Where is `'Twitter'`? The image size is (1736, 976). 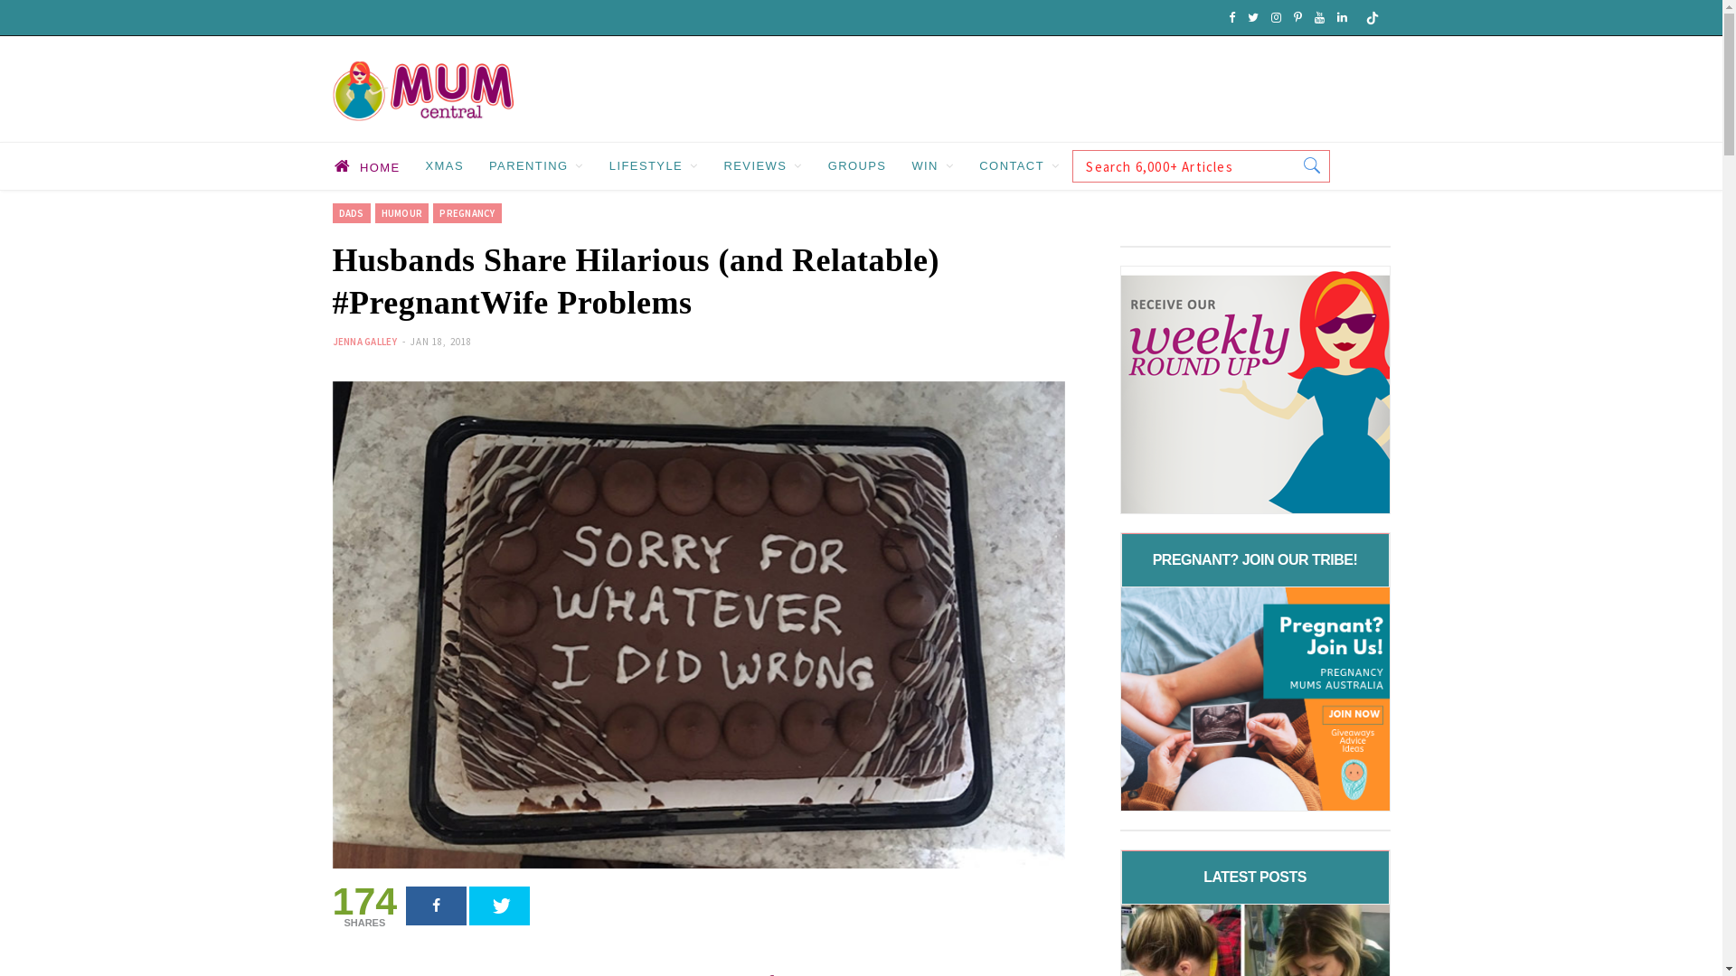 'Twitter' is located at coordinates (499, 906).